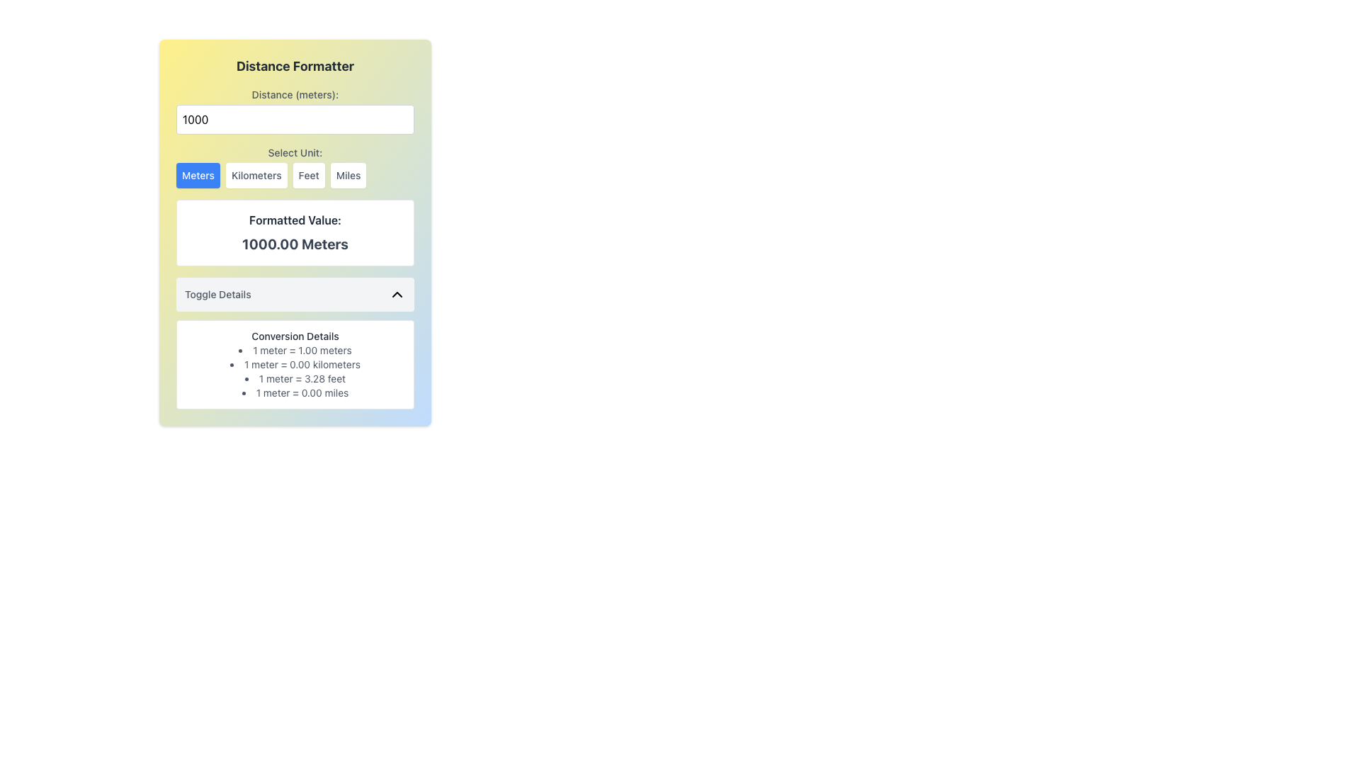 The image size is (1360, 765). What do you see at coordinates (295, 364) in the screenshot?
I see `text of the second item in the bulleted list under 'Conversion Details', which specifies the equivalent value of one meter in kilometers` at bounding box center [295, 364].